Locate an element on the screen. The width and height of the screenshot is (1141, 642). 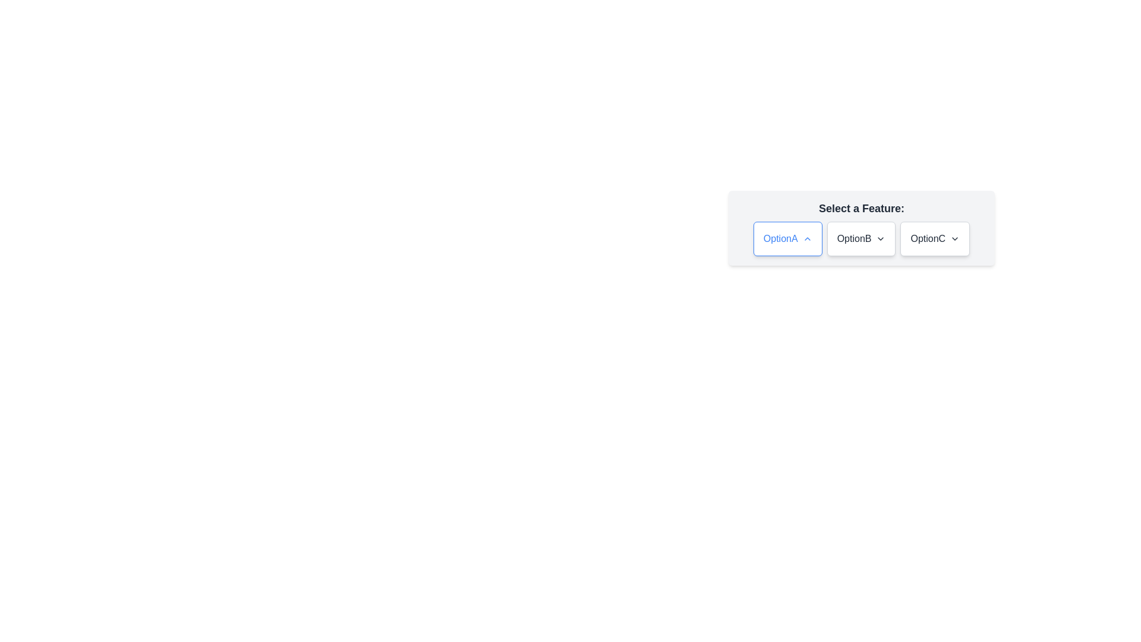
the static text label that indicates the purpose of the options below, which is positioned at the top of the panel, centered horizontally above OptionA, OptionB, and OptionC is located at coordinates (861, 208).